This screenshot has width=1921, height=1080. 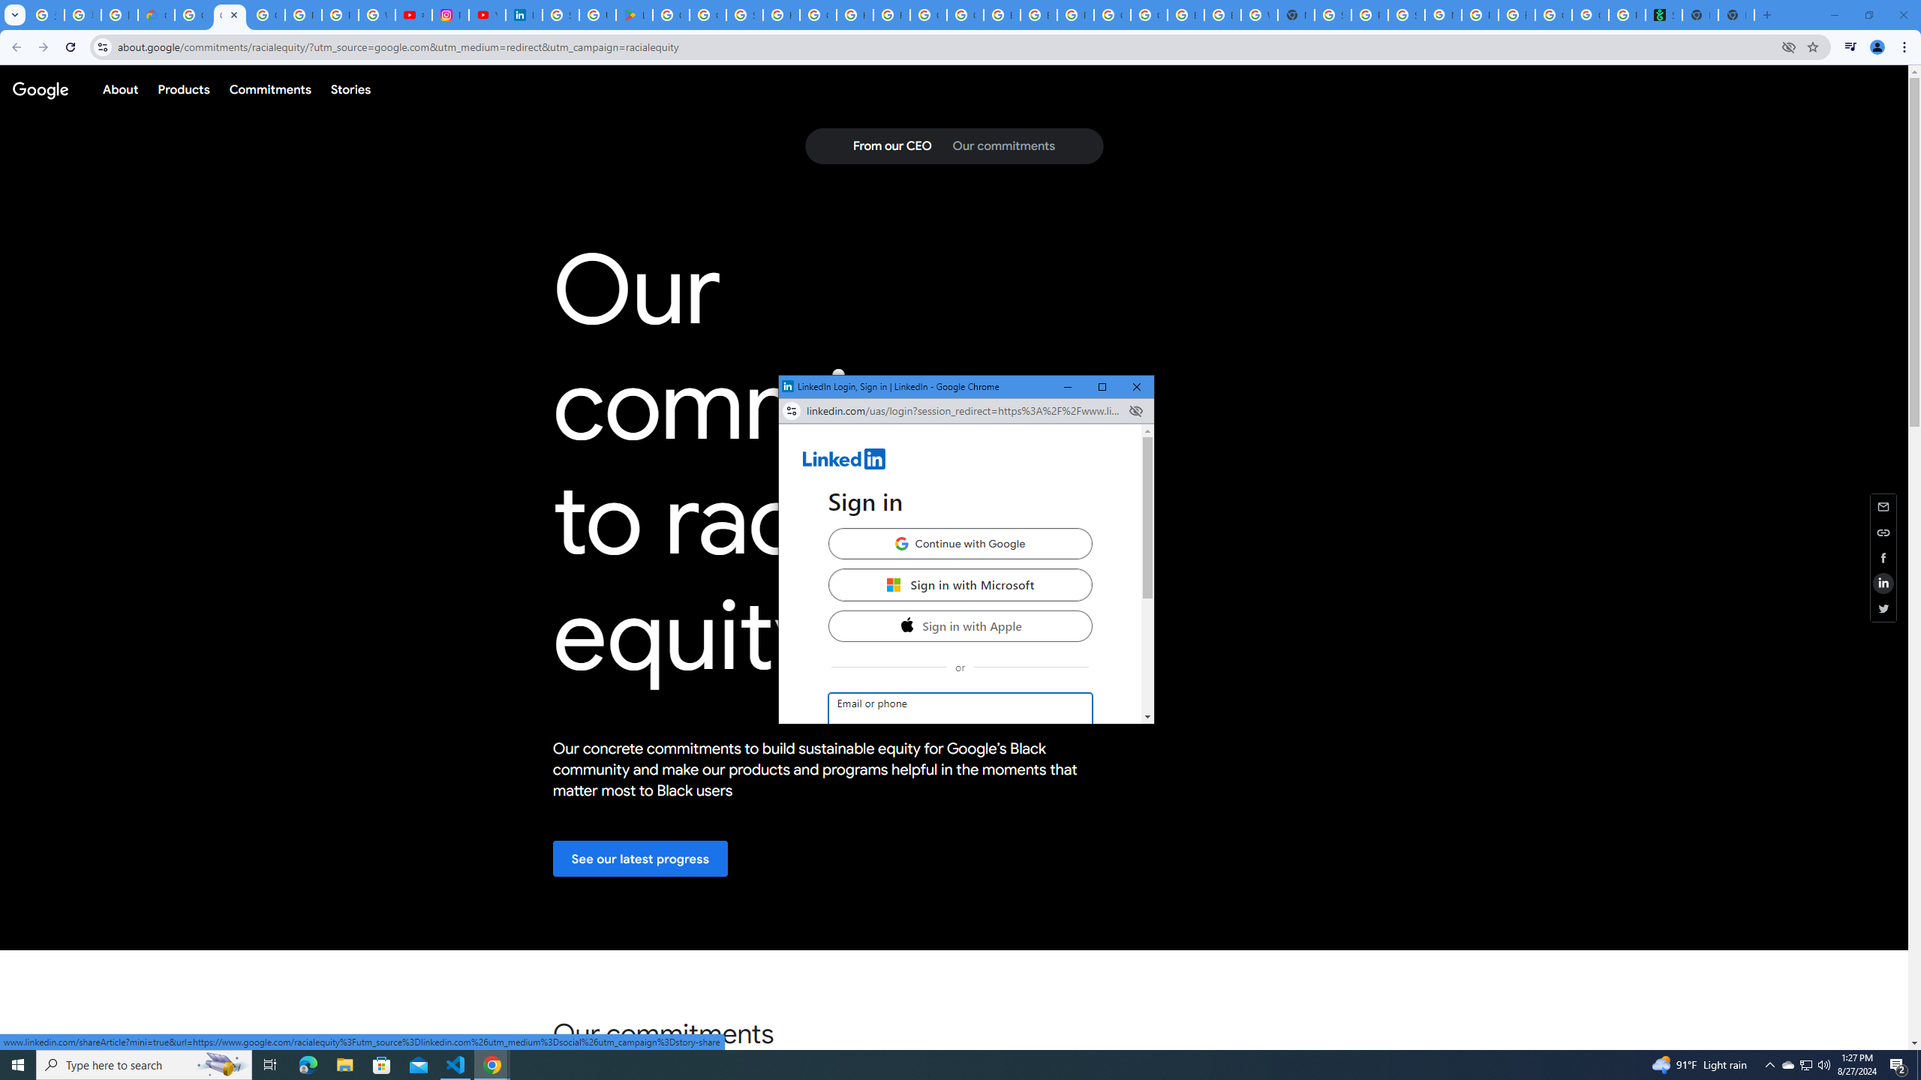 What do you see at coordinates (960, 625) in the screenshot?
I see `'Sign in with Apple'` at bounding box center [960, 625].